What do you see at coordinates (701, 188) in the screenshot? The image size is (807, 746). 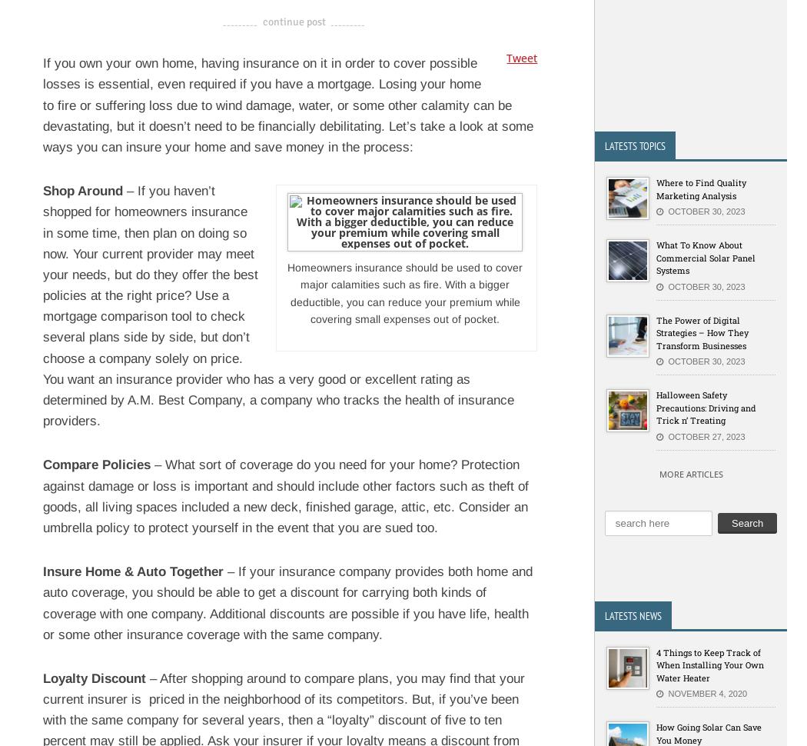 I see `'Where to Find Quality Marketing Analysis'` at bounding box center [701, 188].